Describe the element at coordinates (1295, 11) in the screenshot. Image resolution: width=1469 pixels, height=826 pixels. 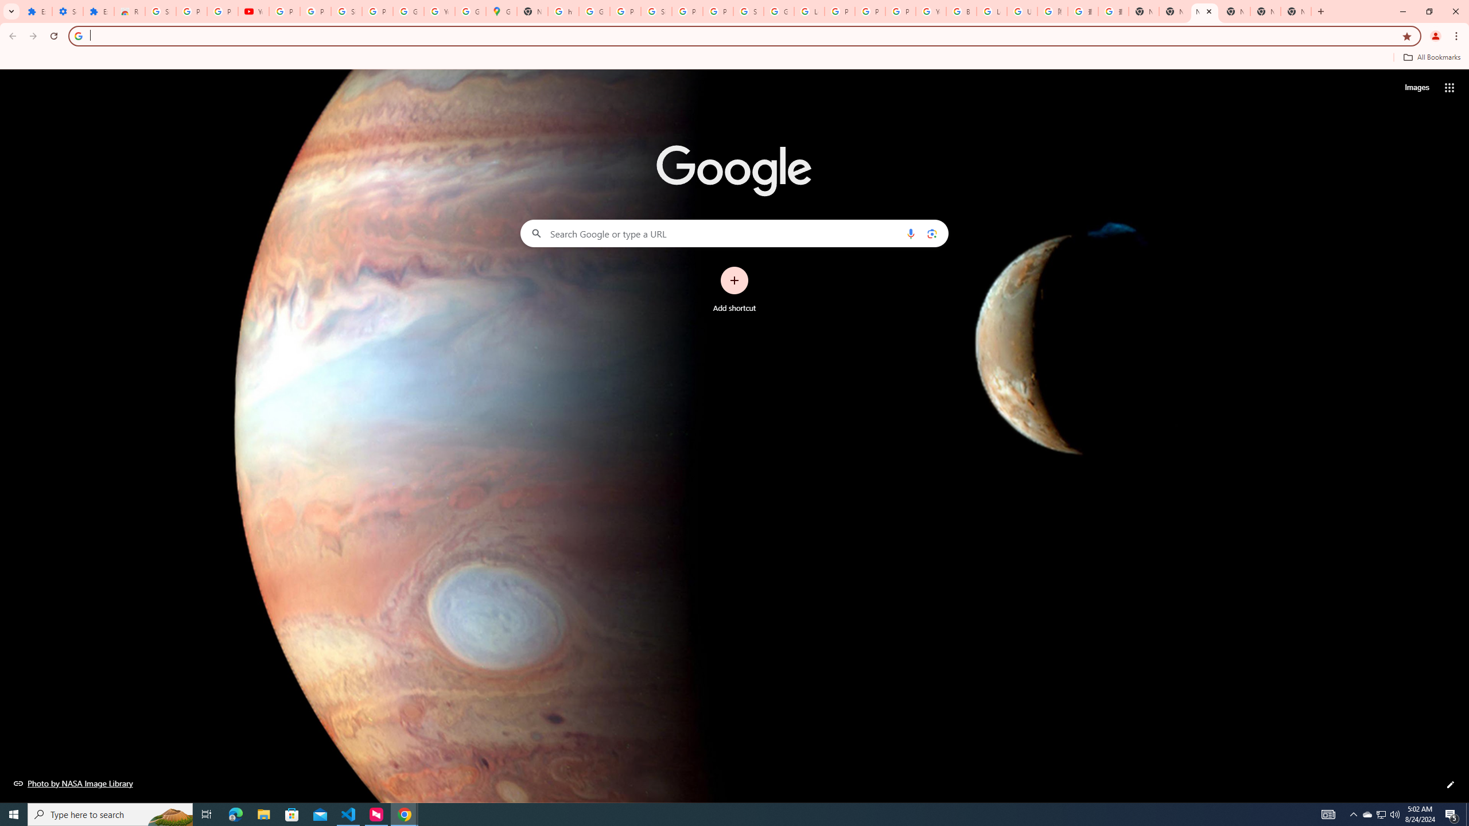
I see `'New Tab'` at that location.